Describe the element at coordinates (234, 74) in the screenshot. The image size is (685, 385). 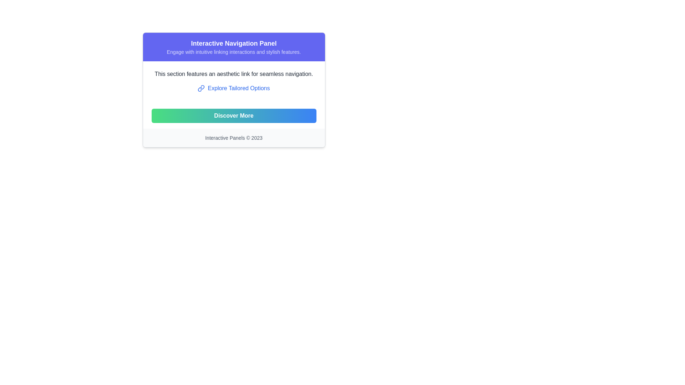
I see `the static text block that reads 'This section features an aesthetic link for seamless navigation.', which is styled in gray and is positioned above the interactive link component 'Explore Tailored Options'` at that location.